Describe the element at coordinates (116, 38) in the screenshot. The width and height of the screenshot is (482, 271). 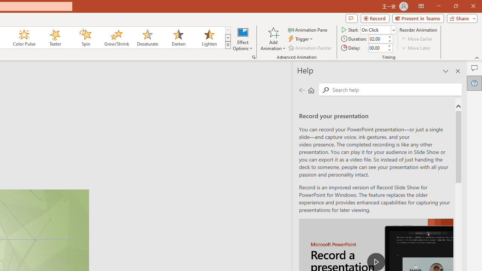
I see `'Grow/Shrink'` at that location.